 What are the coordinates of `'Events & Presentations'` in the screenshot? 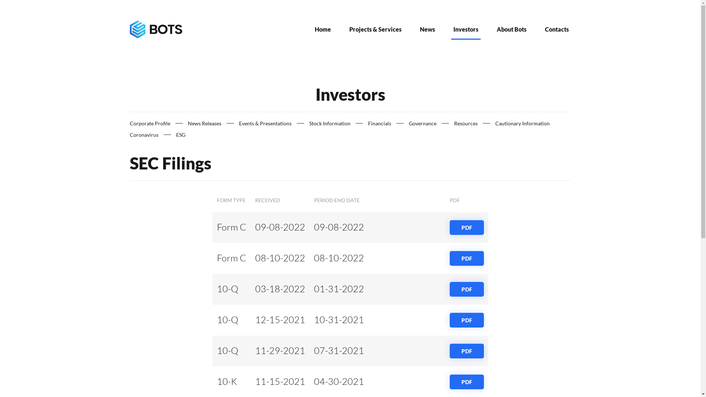 It's located at (239, 123).